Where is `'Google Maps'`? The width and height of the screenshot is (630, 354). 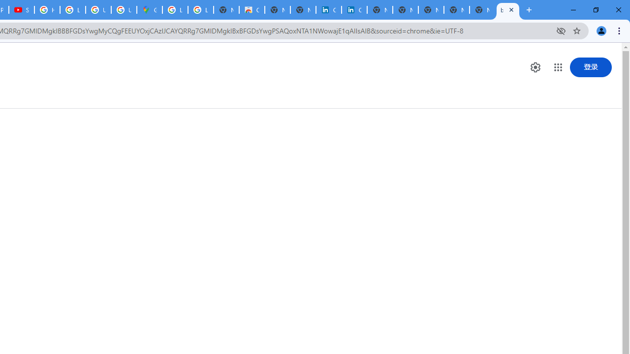
'Google Maps' is located at coordinates (149, 10).